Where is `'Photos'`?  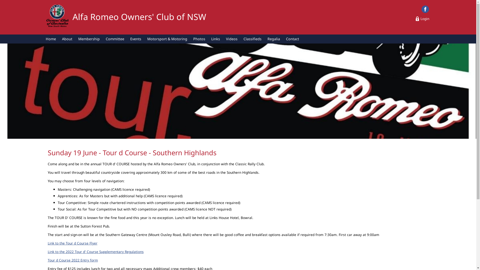
'Photos' is located at coordinates (199, 38).